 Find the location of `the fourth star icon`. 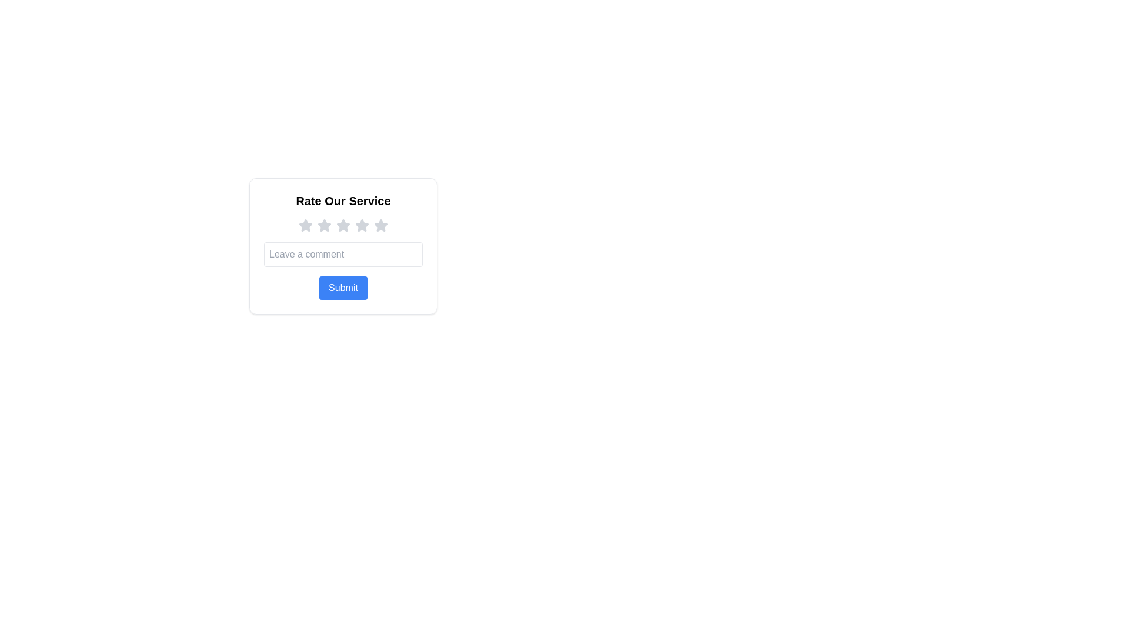

the fourth star icon is located at coordinates (361, 226).